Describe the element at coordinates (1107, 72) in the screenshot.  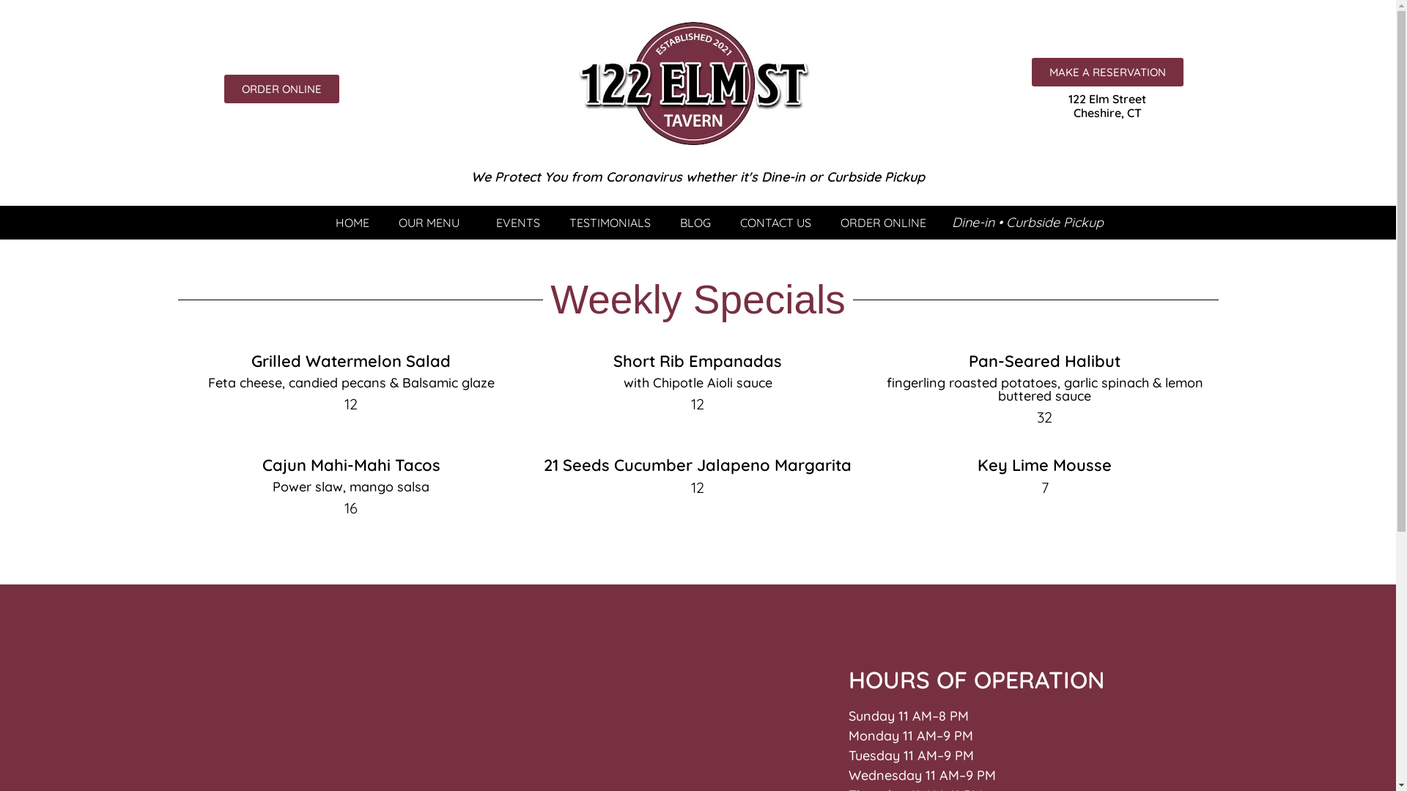
I see `'MAKE A RESERVATION'` at that location.